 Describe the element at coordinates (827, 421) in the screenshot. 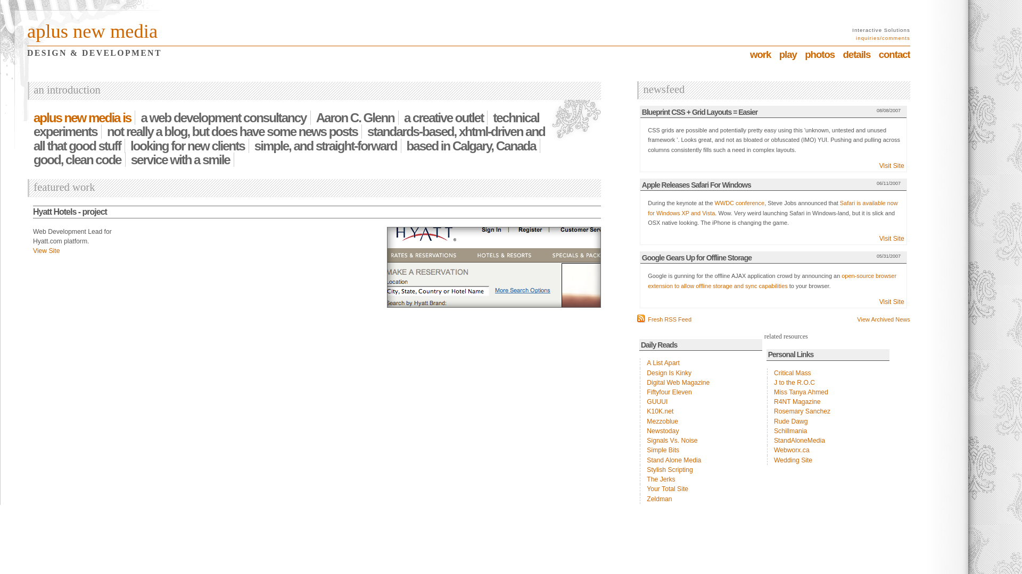

I see `'Rude Dawg'` at that location.